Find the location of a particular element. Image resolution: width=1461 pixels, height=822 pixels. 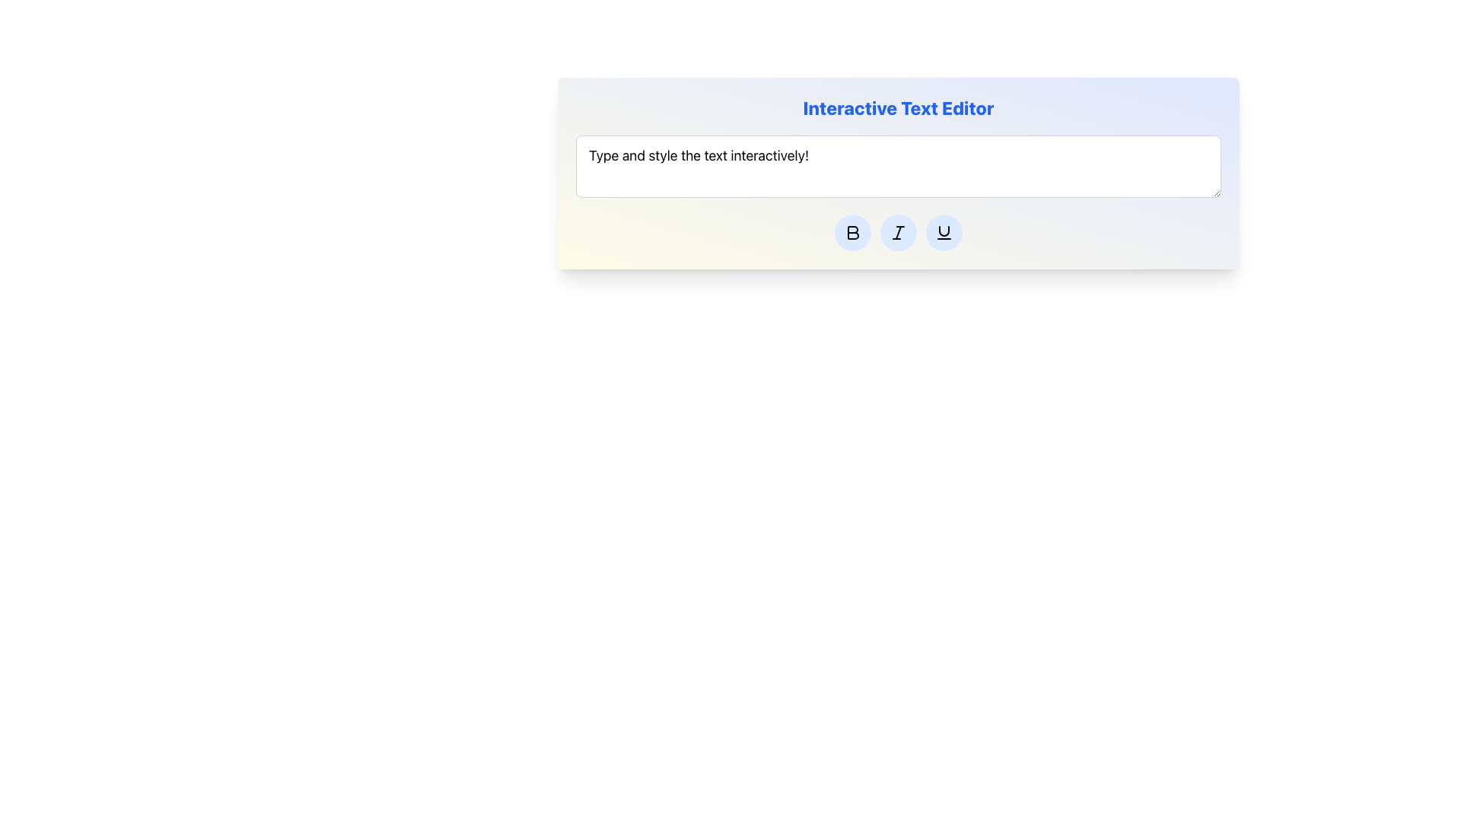

the first button in the trio that toggles bold styling for the text in the interactive text editor interface is located at coordinates (853, 232).